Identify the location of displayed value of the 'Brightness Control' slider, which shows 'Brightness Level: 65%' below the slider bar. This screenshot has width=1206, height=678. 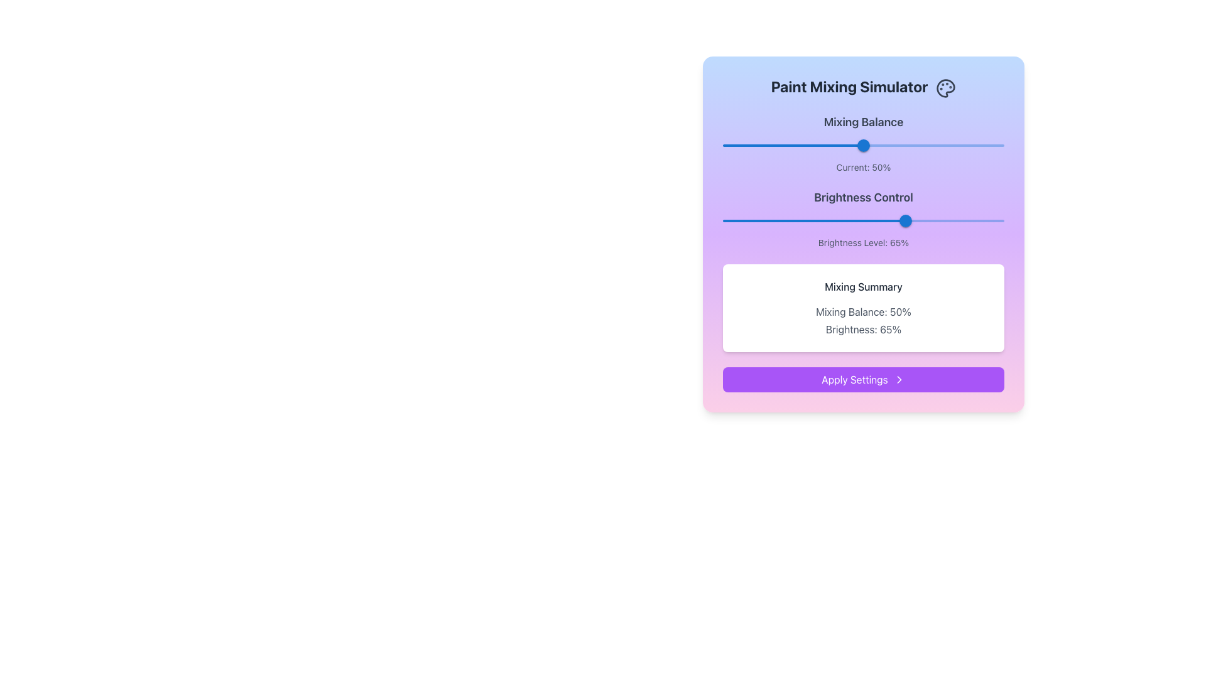
(862, 217).